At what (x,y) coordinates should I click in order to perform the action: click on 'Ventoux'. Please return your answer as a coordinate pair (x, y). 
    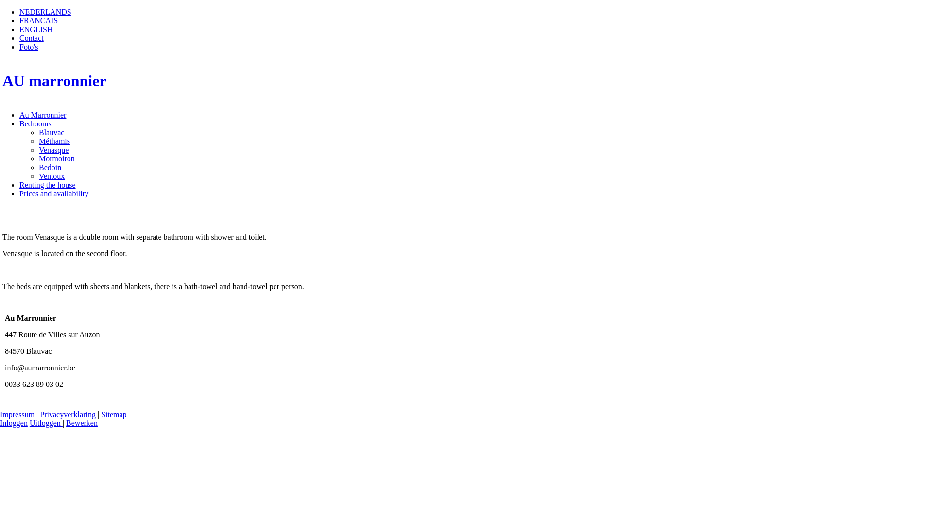
    Looking at the image, I should click on (51, 176).